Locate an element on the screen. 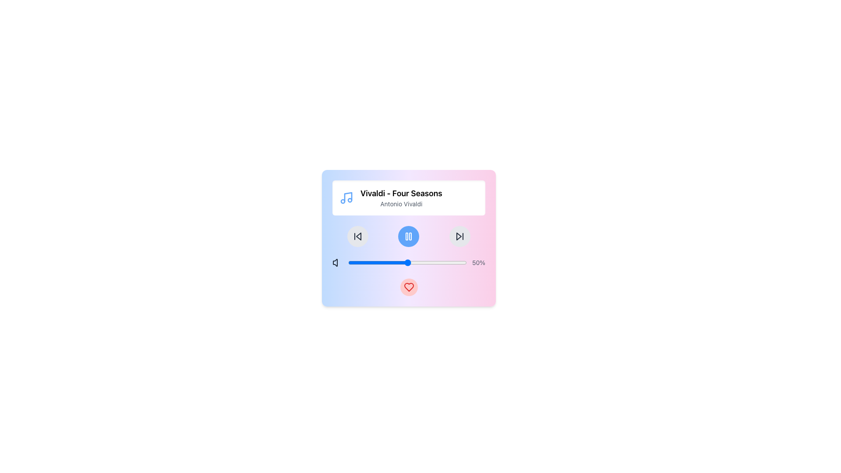 The width and height of the screenshot is (841, 473). the centrally placed button used is located at coordinates (408, 236).